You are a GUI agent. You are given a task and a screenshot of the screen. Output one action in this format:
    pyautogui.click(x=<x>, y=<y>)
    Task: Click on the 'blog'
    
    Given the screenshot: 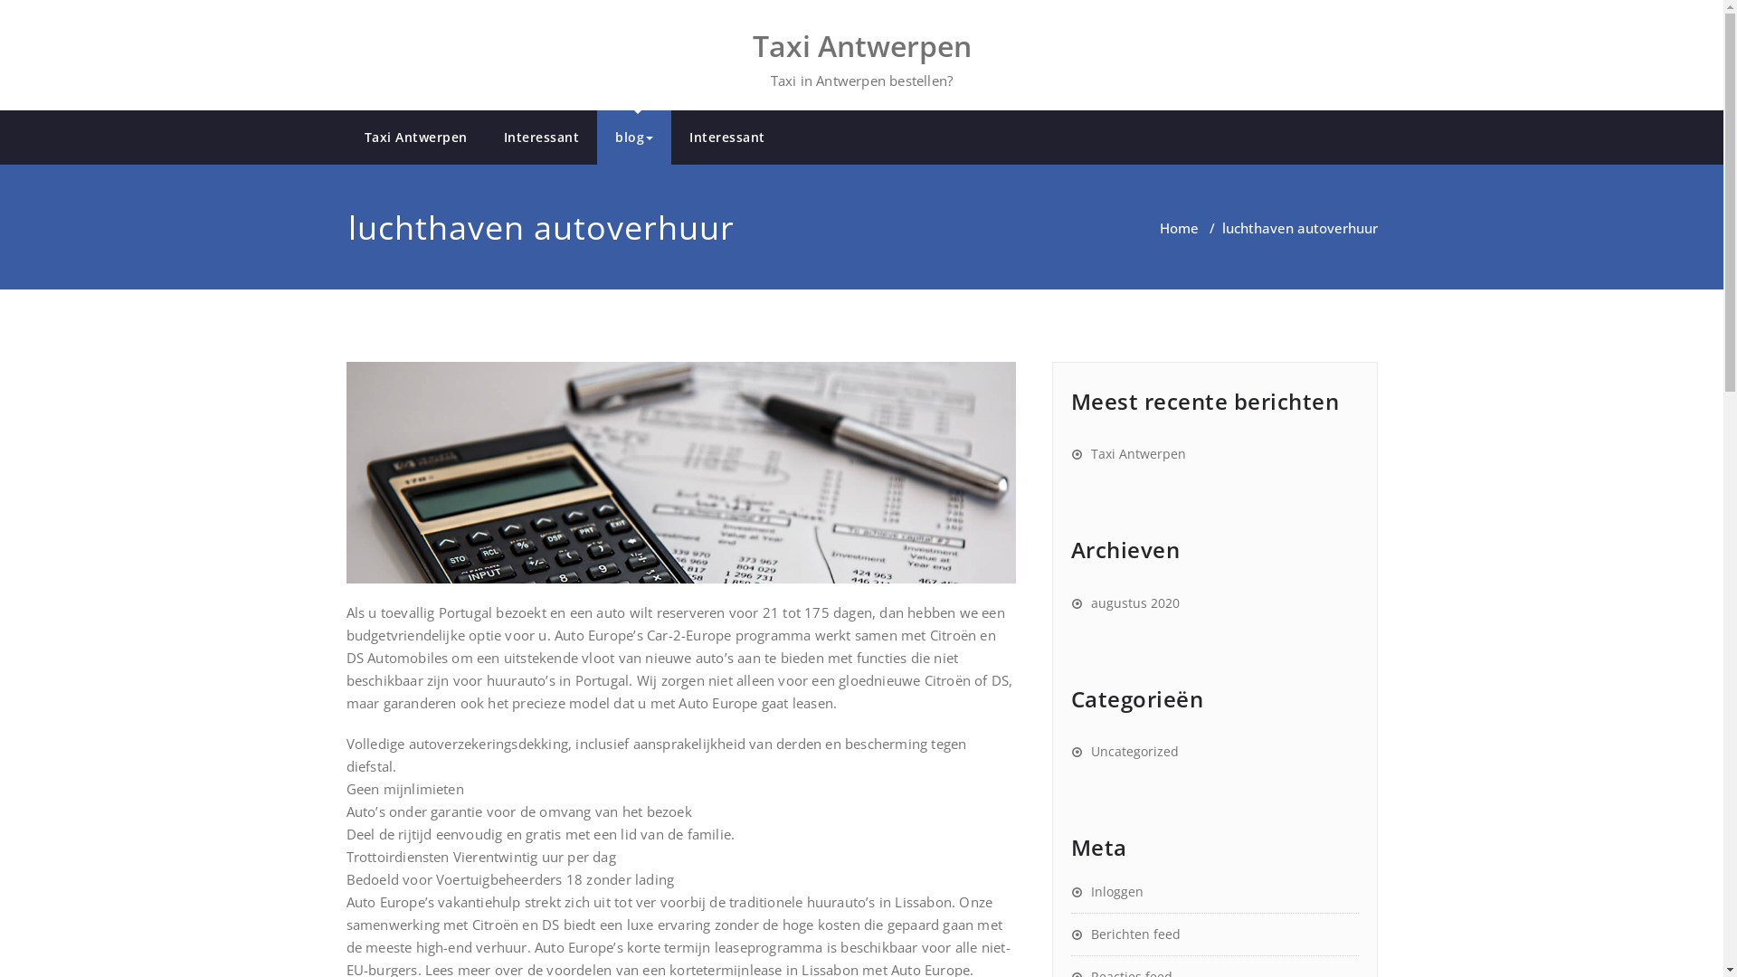 What is the action you would take?
    pyautogui.click(x=633, y=136)
    